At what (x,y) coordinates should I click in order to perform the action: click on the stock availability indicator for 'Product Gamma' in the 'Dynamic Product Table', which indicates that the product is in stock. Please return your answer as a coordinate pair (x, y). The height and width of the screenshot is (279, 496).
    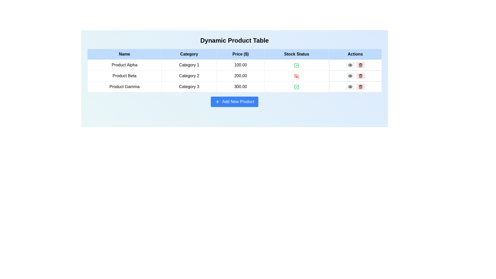
    Looking at the image, I should click on (297, 86).